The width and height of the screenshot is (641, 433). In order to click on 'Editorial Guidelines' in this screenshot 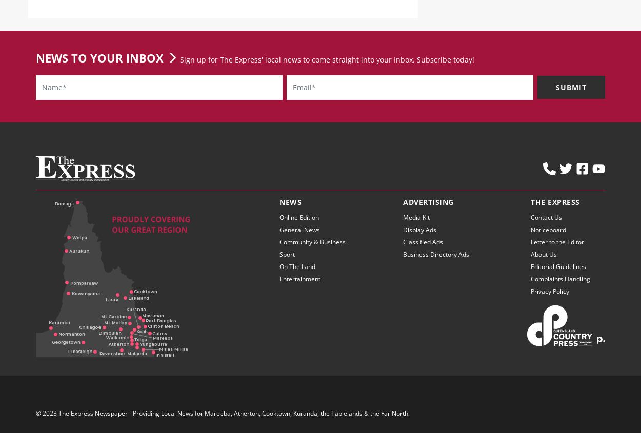, I will do `click(558, 274)`.